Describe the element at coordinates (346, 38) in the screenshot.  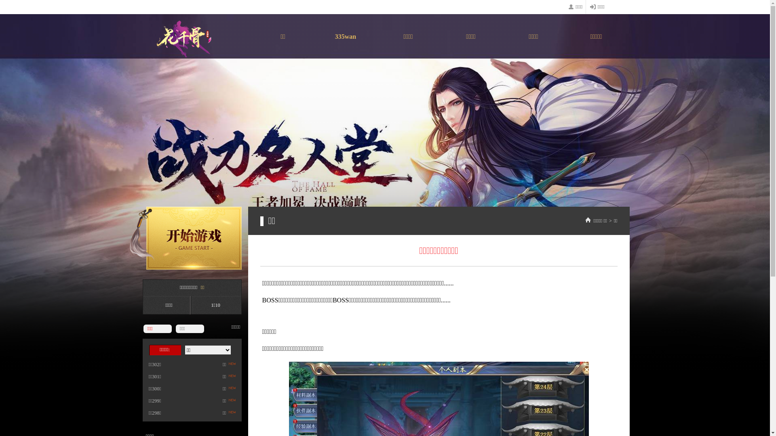
I see `'335wan'` at that location.